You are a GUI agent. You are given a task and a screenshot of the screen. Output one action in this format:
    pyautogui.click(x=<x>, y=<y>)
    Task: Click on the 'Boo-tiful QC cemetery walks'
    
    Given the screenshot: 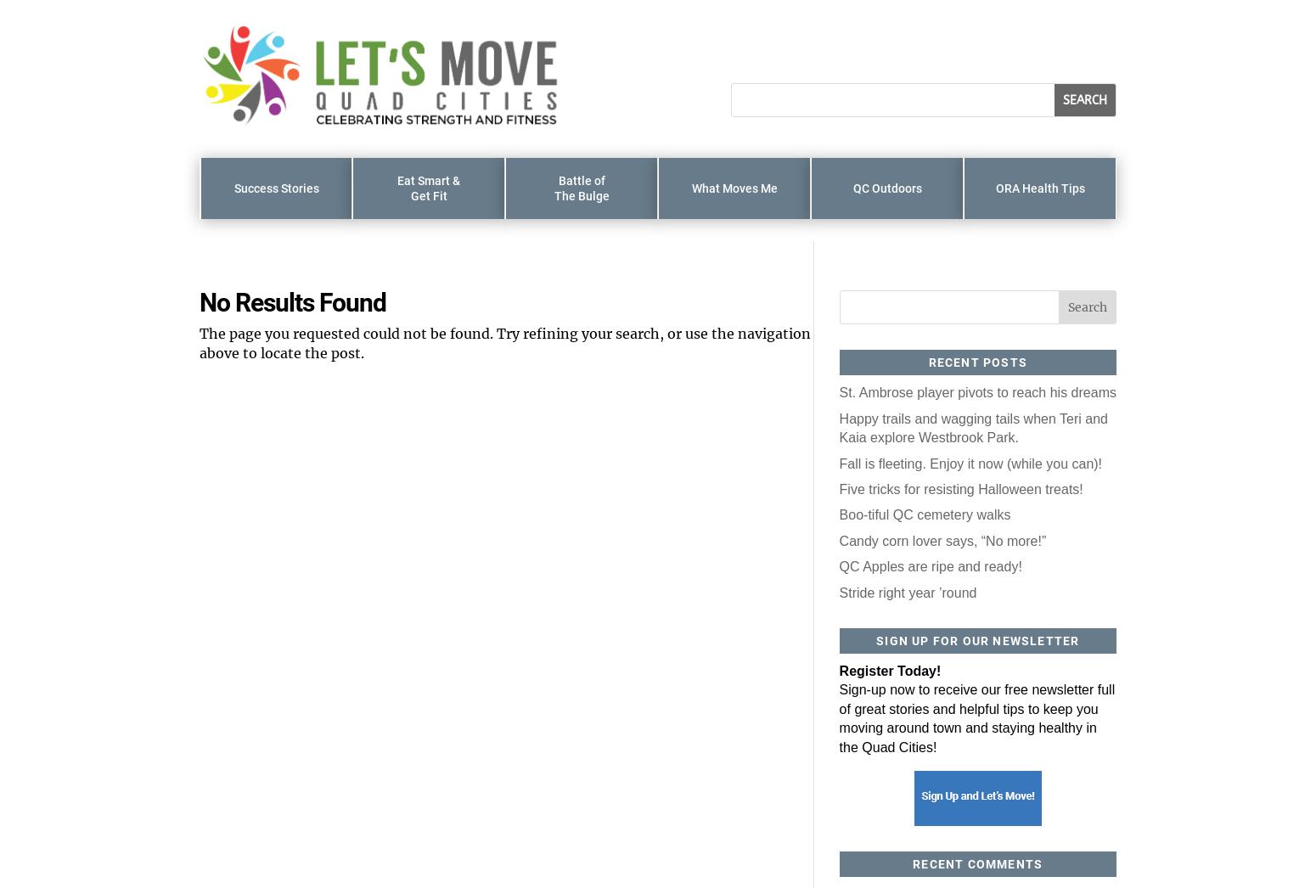 What is the action you would take?
    pyautogui.click(x=924, y=514)
    